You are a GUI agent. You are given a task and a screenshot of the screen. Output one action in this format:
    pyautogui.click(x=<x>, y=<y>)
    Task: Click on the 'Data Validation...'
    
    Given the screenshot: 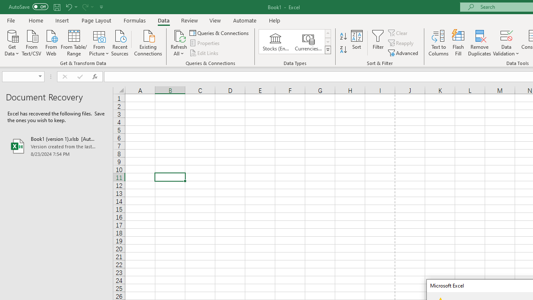 What is the action you would take?
    pyautogui.click(x=506, y=43)
    